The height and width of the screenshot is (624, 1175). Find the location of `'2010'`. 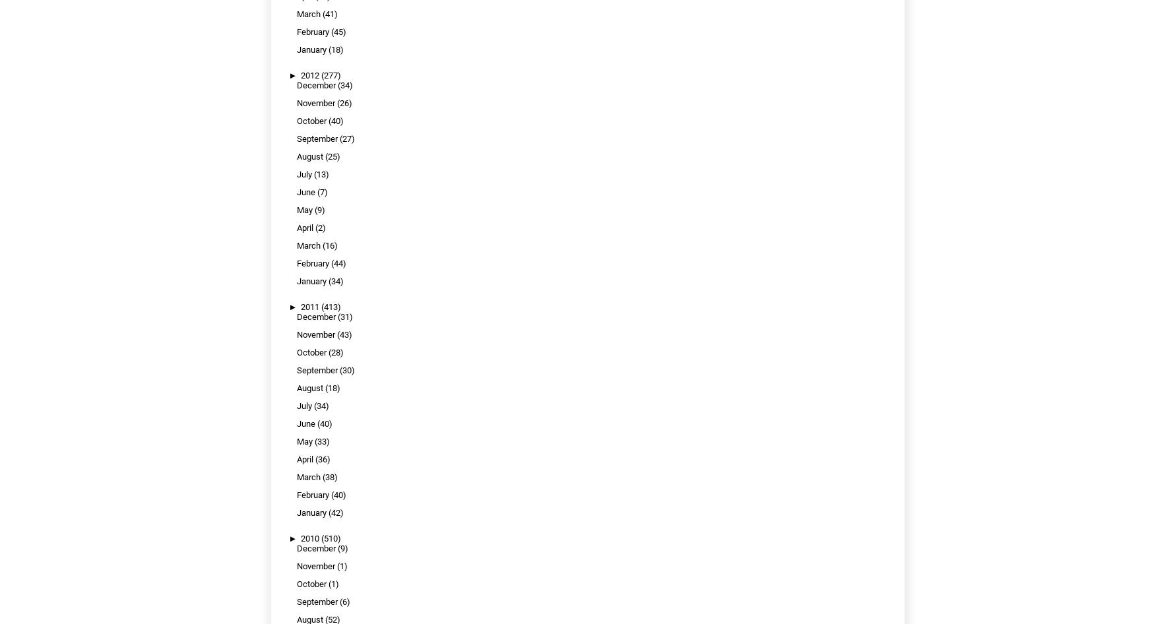

'2010' is located at coordinates (310, 538).